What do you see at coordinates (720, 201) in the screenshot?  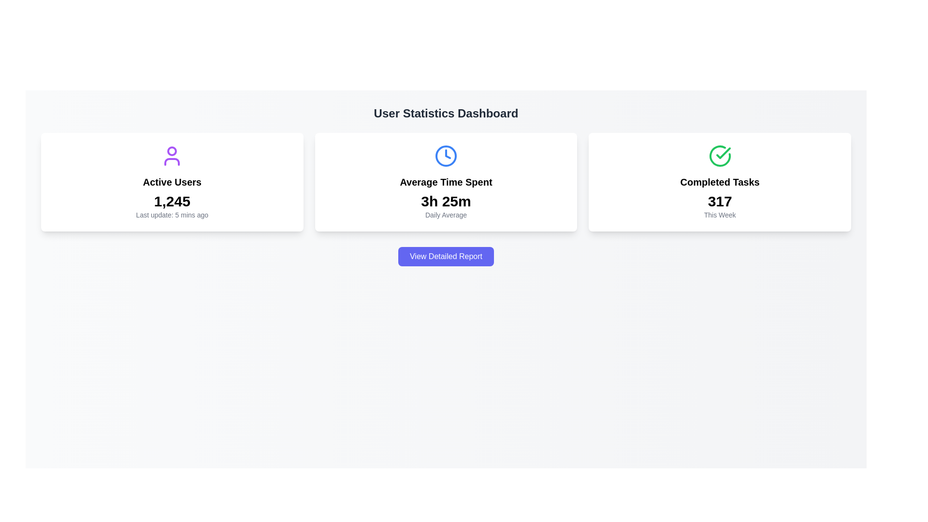 I see `numerical text '317' displayed prominently in the center of the card below 'Completed Tasks' and above 'This Week'` at bounding box center [720, 201].